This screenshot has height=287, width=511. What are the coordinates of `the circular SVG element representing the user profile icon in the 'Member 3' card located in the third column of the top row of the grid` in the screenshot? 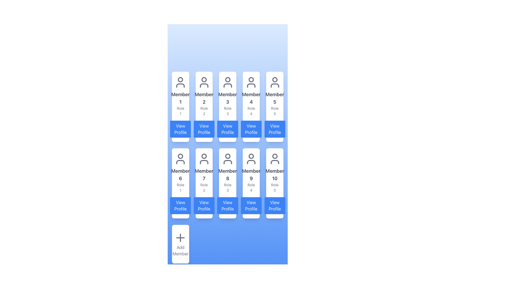 It's located at (228, 80).